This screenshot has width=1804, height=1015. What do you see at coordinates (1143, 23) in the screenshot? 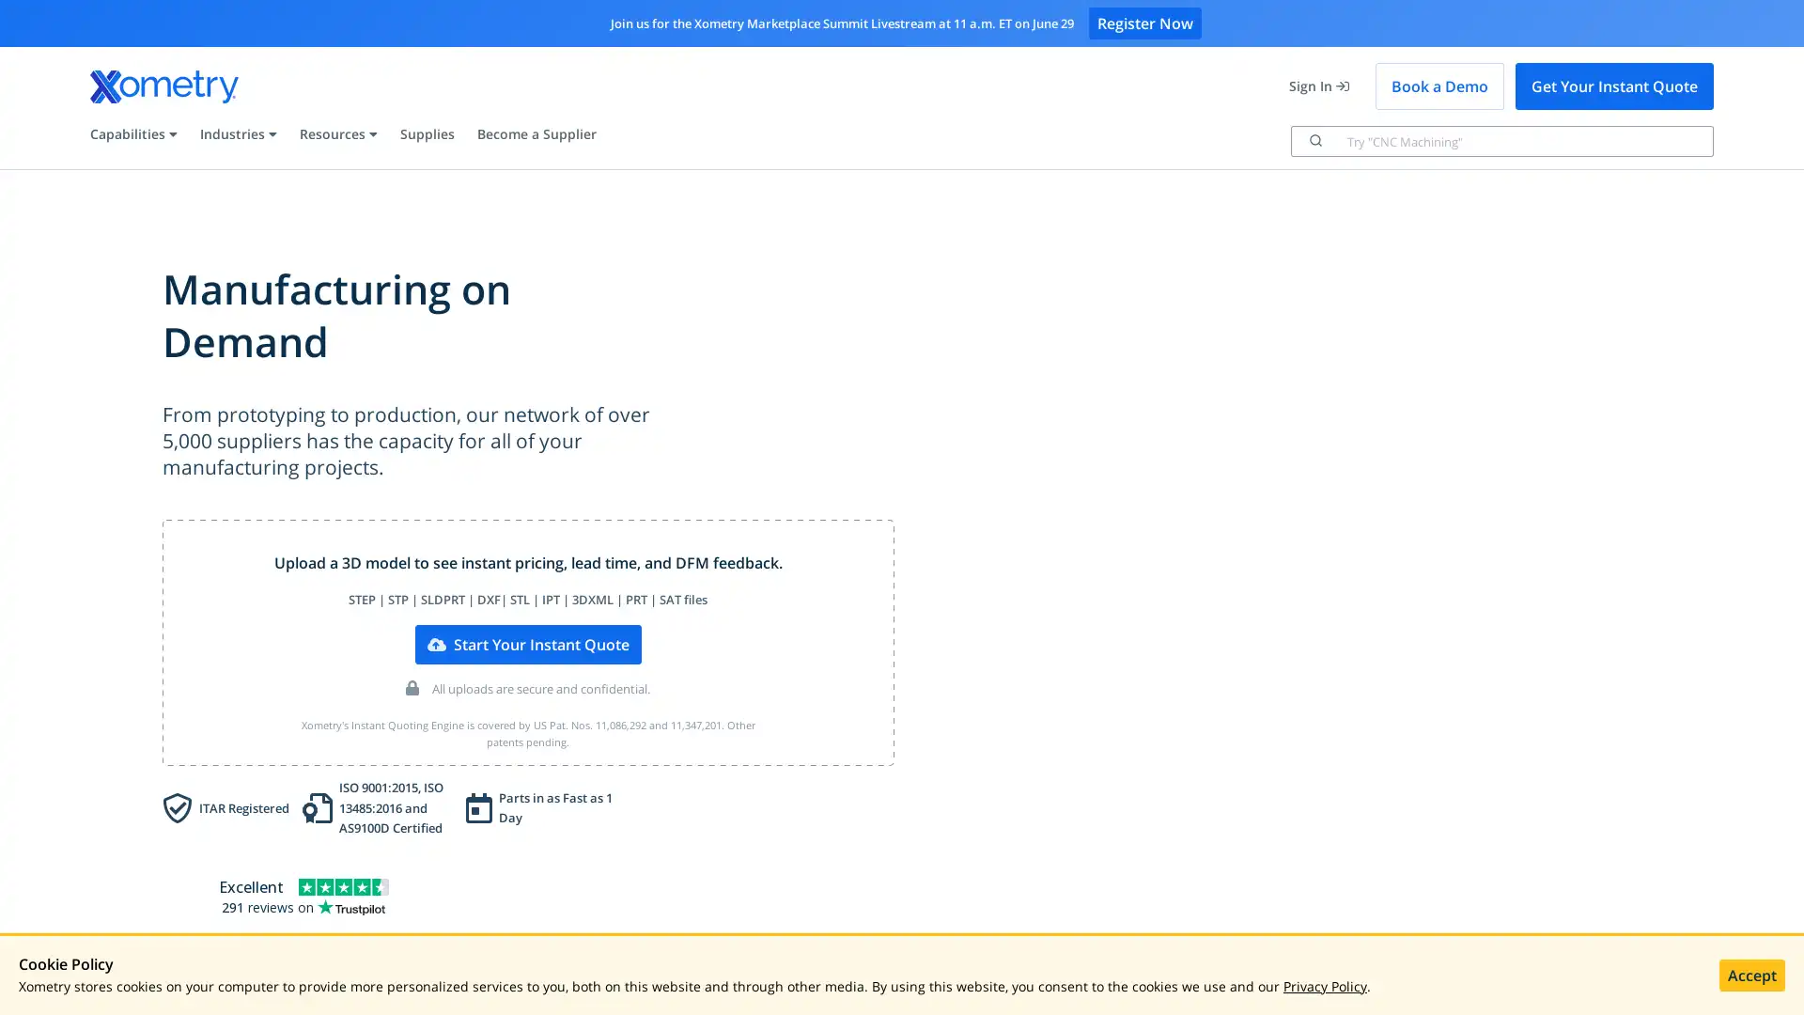
I see `Register Now` at bounding box center [1143, 23].